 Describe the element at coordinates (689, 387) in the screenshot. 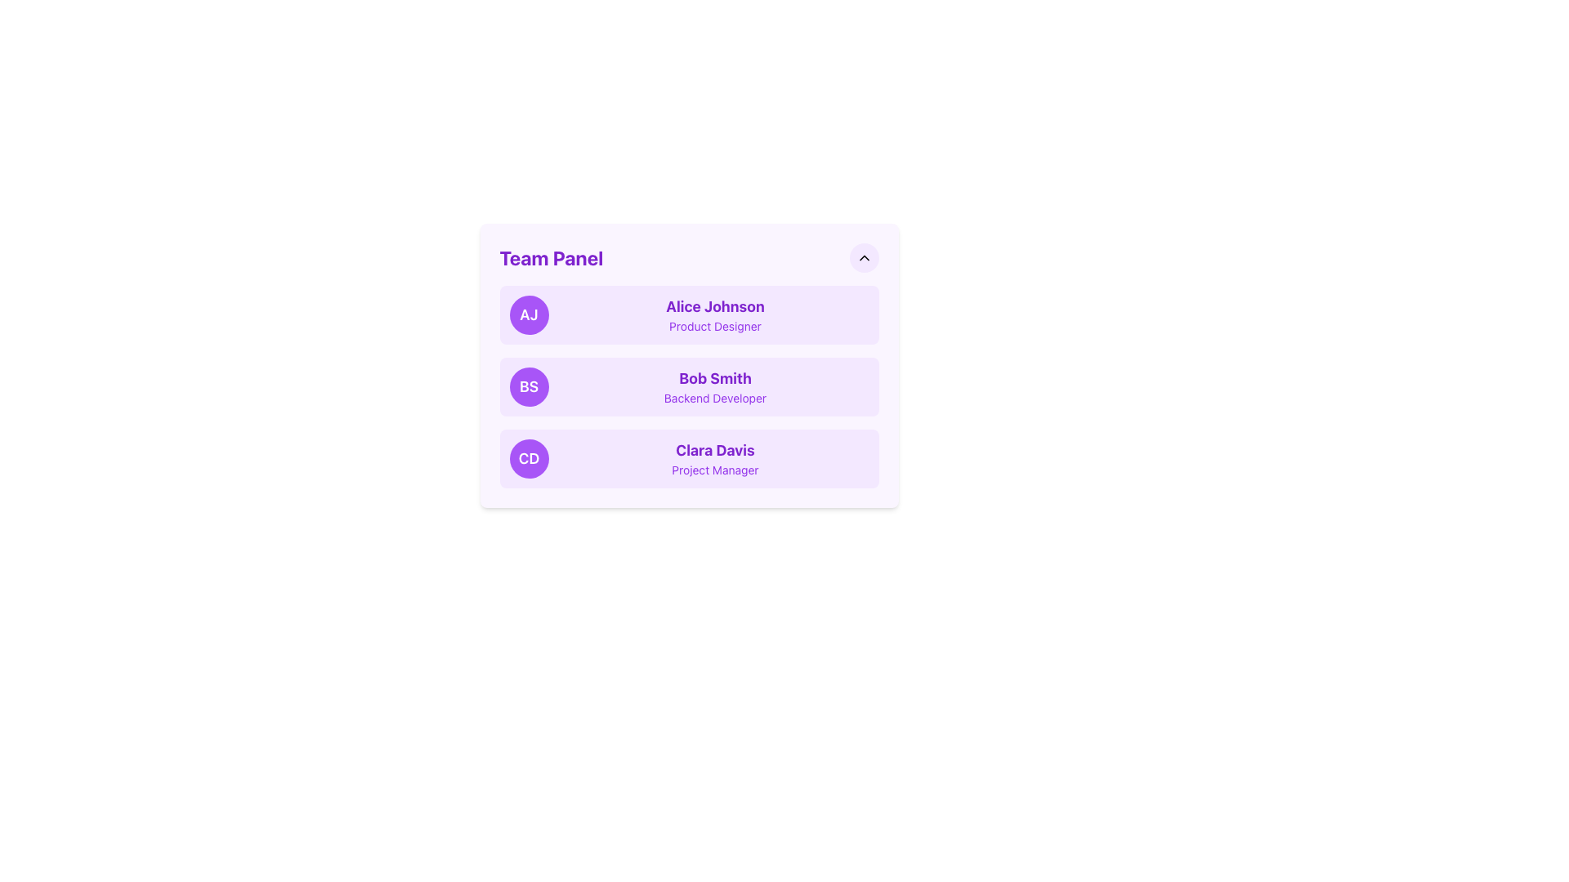

I see `the team member's profile list item for 'Bob Smith'` at that location.